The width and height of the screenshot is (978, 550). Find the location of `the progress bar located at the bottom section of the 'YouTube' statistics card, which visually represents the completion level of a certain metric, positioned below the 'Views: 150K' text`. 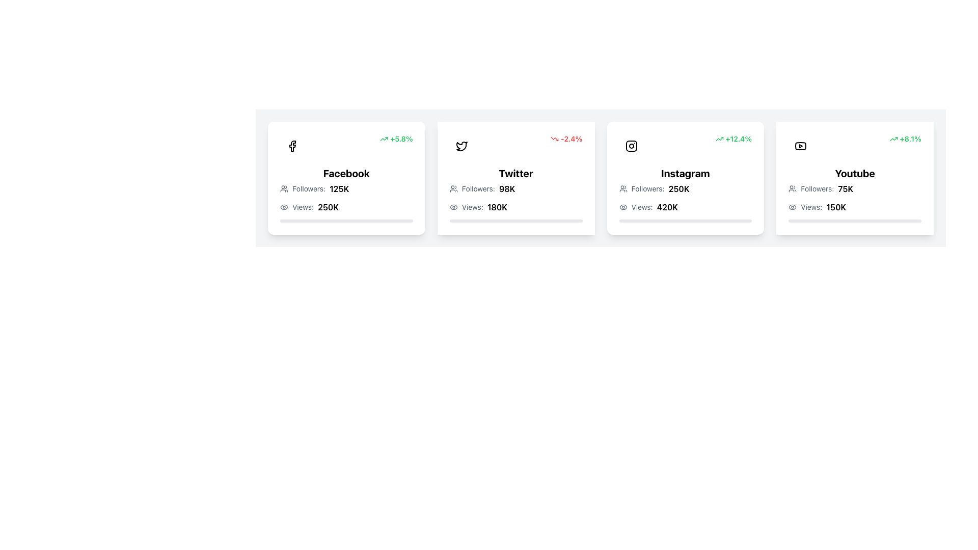

the progress bar located at the bottom section of the 'YouTube' statistics card, which visually represents the completion level of a certain metric, positioned below the 'Views: 150K' text is located at coordinates (855, 221).